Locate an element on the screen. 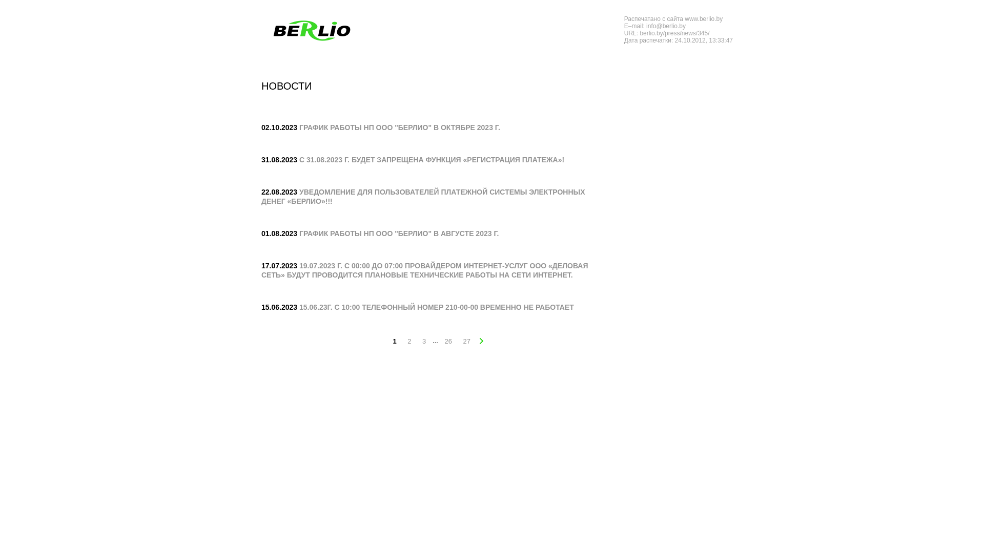 Image resolution: width=984 pixels, height=553 pixels. '27' is located at coordinates (459, 342).